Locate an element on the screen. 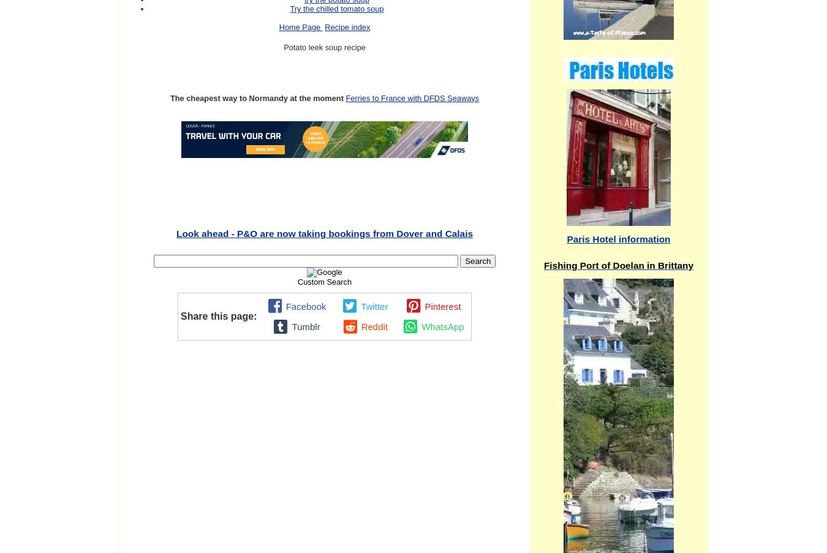 The width and height of the screenshot is (827, 553). 'HOUSE FOR SALE IN BRITTANY FRANCE' is located at coordinates (323, 229).